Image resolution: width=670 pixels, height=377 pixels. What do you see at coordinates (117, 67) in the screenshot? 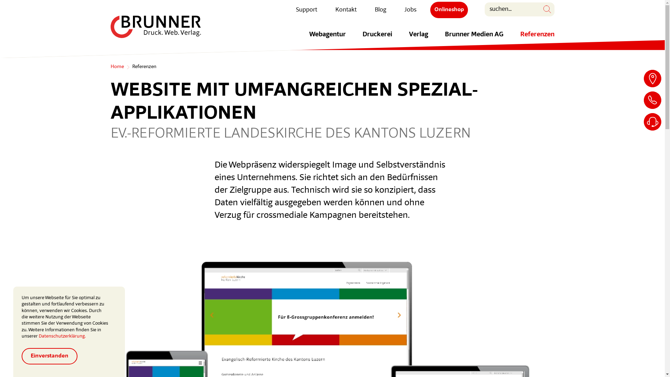
I see `'Home'` at bounding box center [117, 67].